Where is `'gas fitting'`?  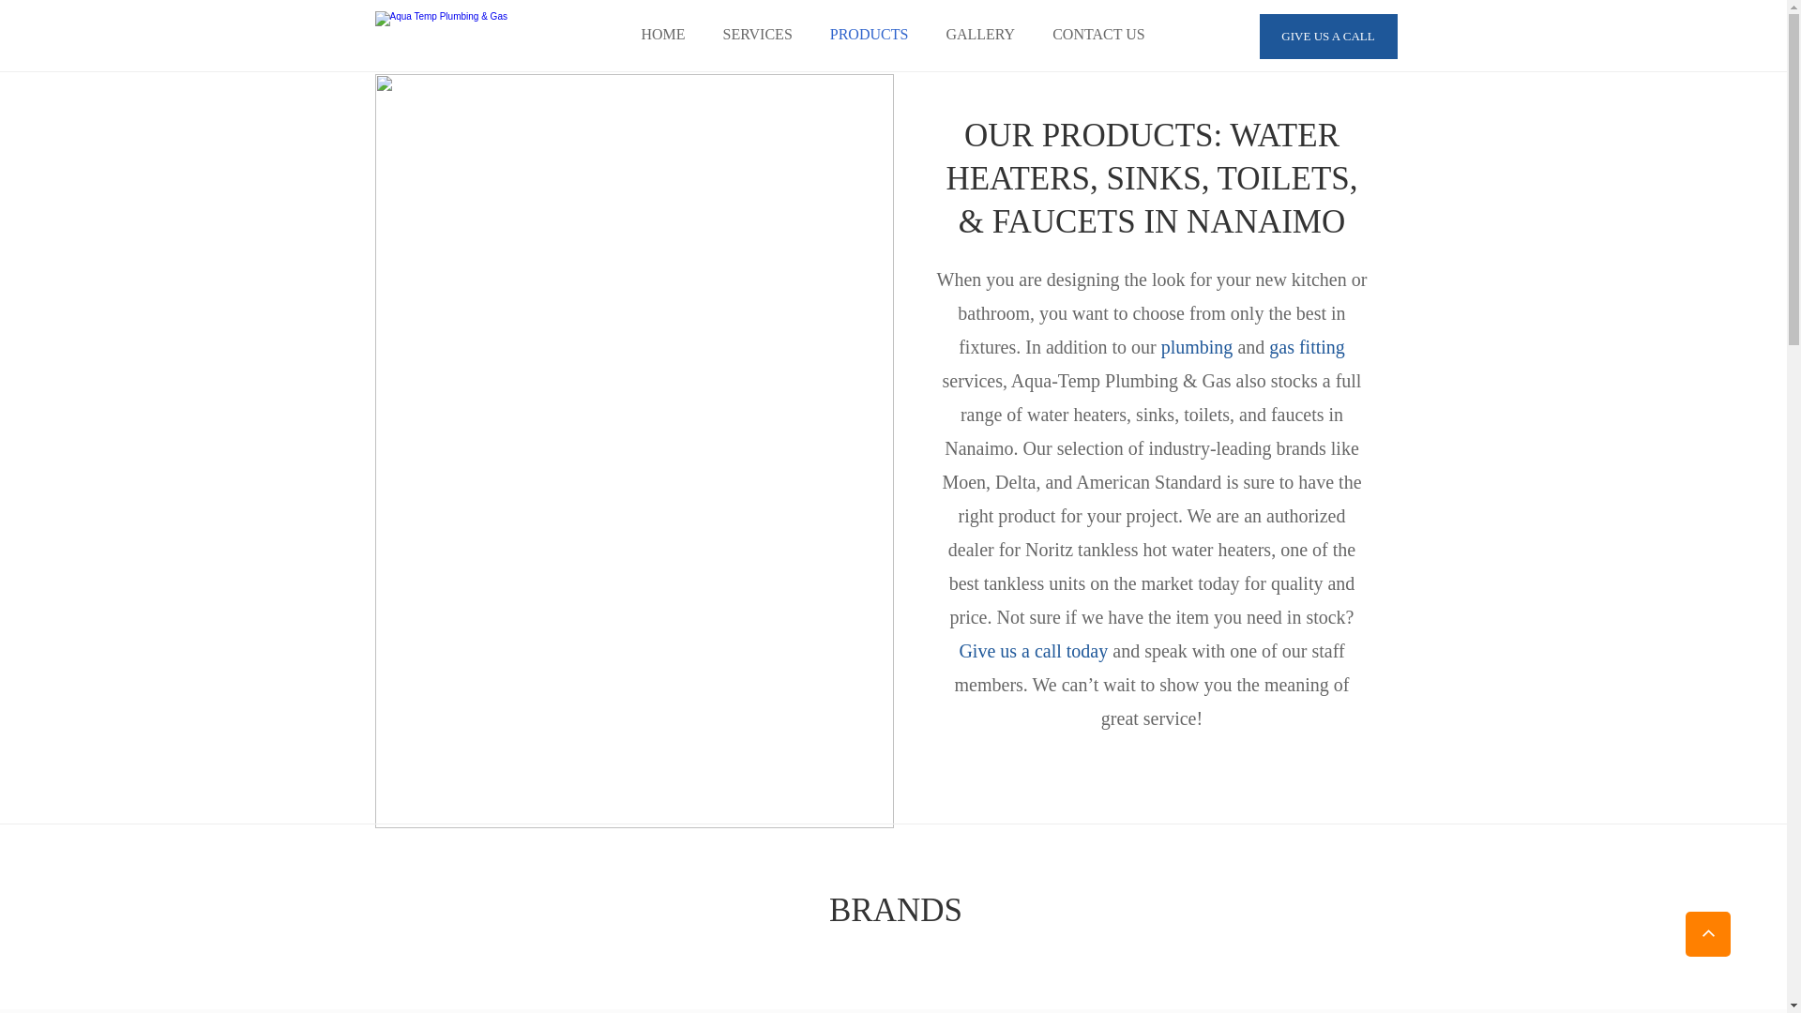
'gas fitting' is located at coordinates (1304, 347).